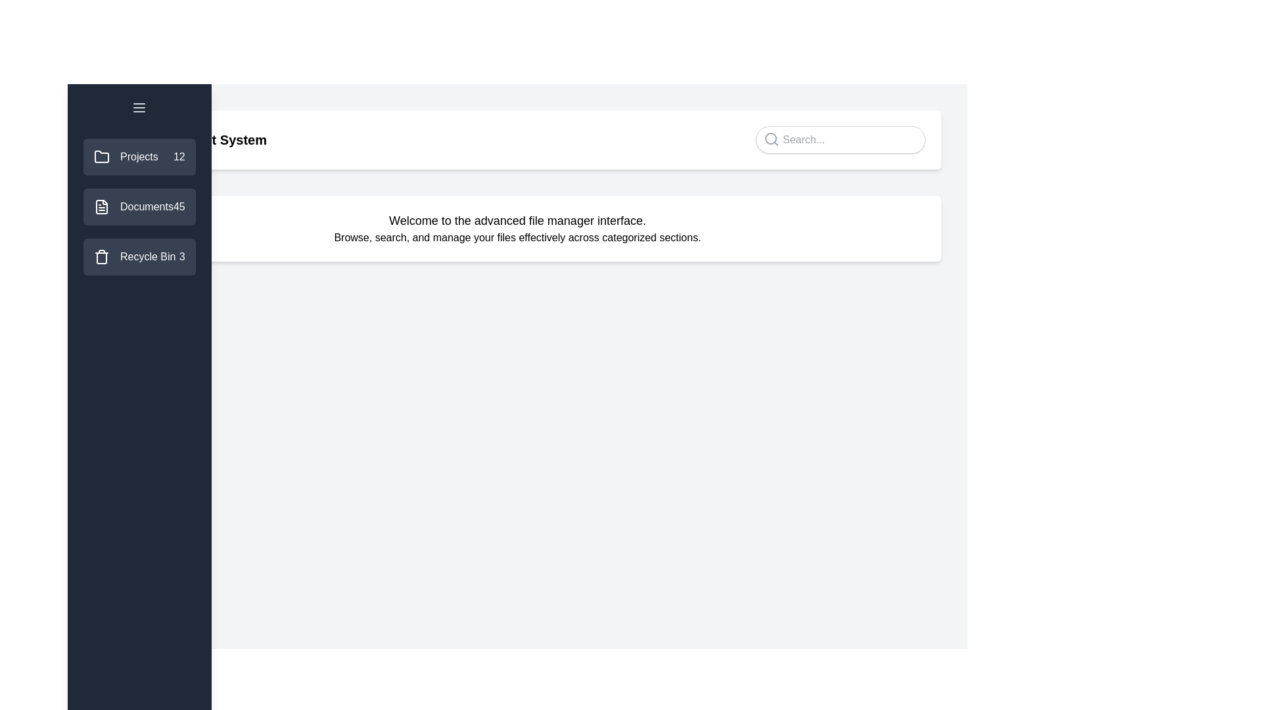 Image resolution: width=1262 pixels, height=710 pixels. I want to click on the category Recycle Bin in the sidebar, so click(139, 256).